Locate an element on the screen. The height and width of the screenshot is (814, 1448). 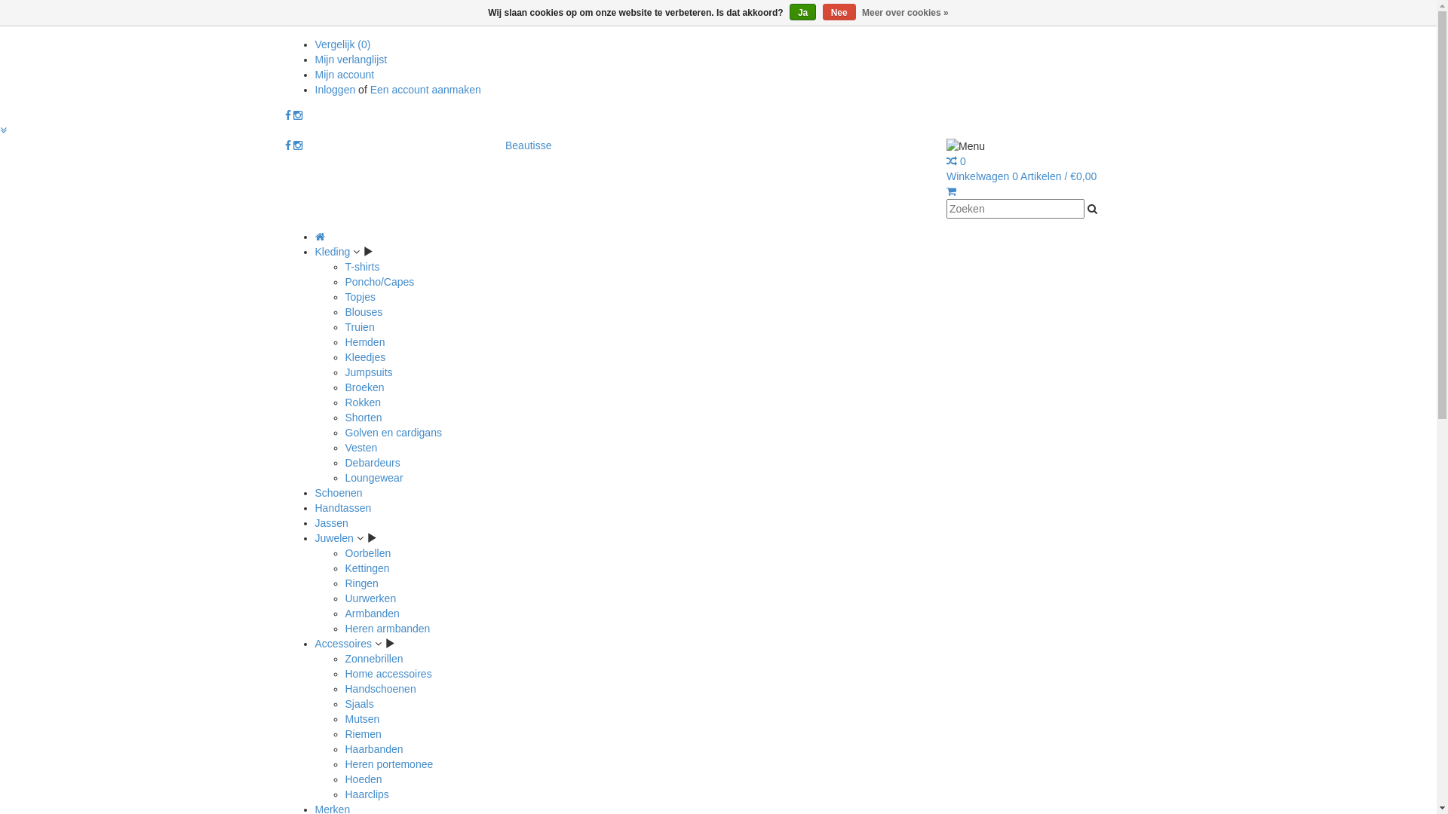
'Inloggen' is located at coordinates (314, 90).